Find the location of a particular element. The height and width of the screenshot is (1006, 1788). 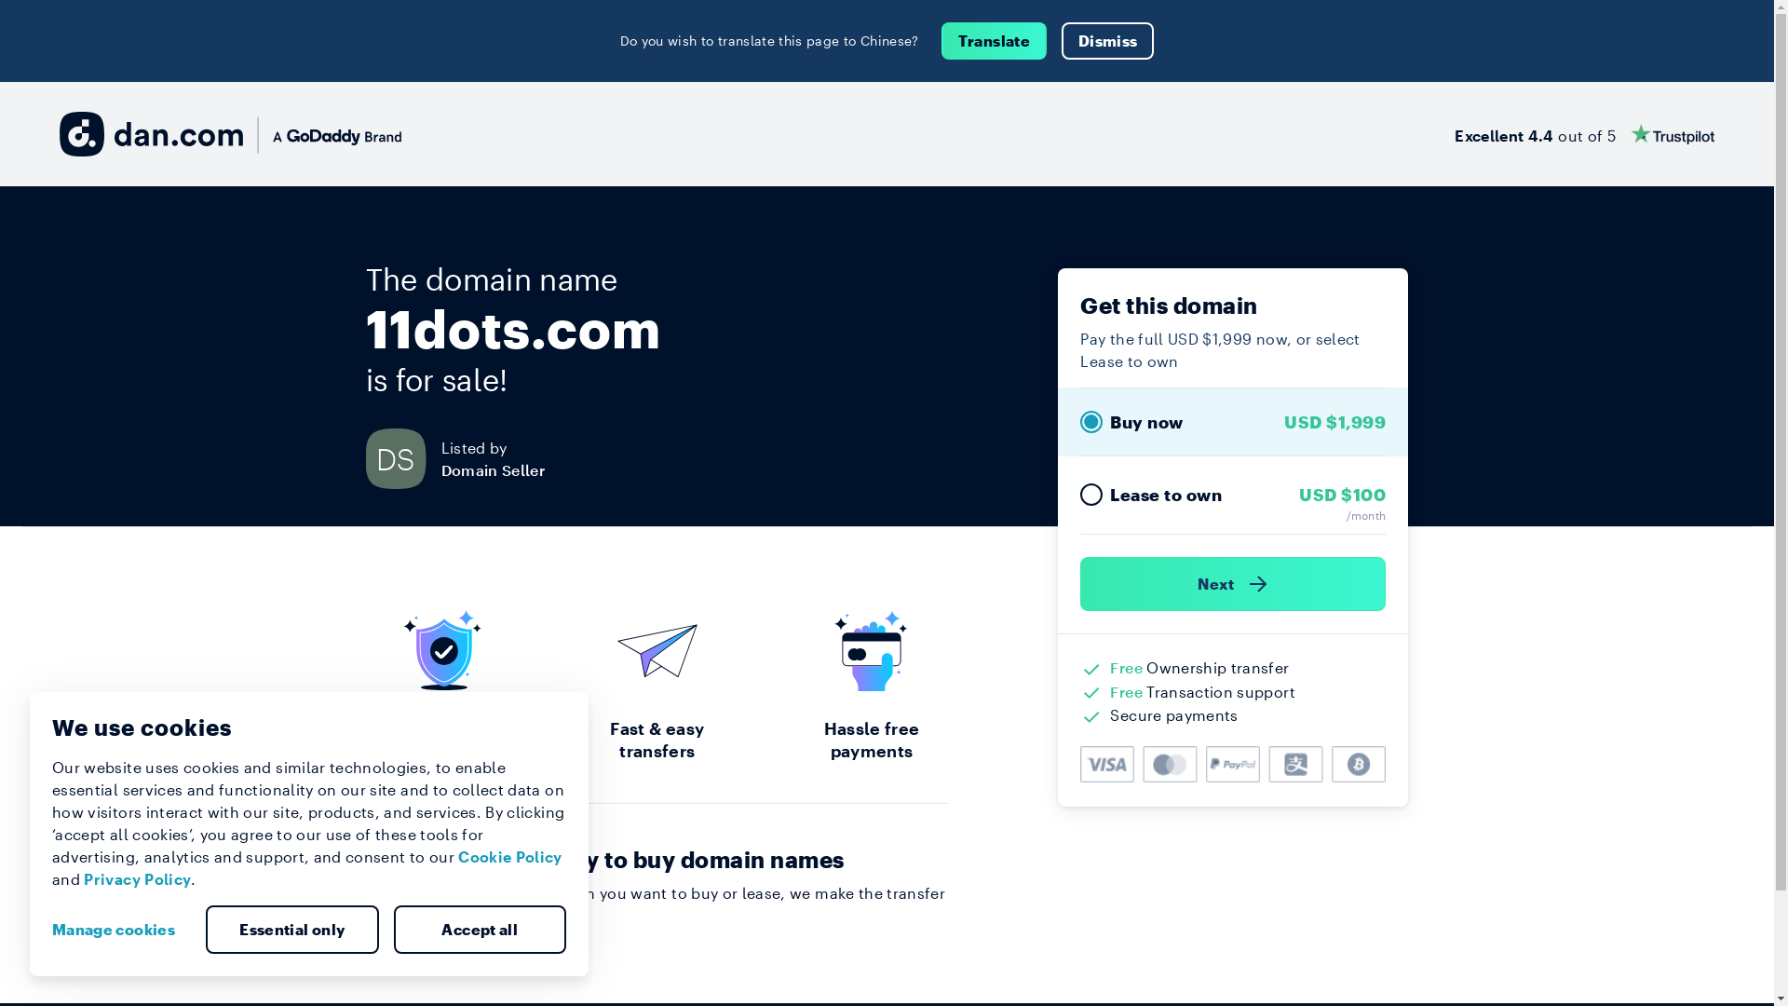

'Privacy Policy' is located at coordinates (136, 878).